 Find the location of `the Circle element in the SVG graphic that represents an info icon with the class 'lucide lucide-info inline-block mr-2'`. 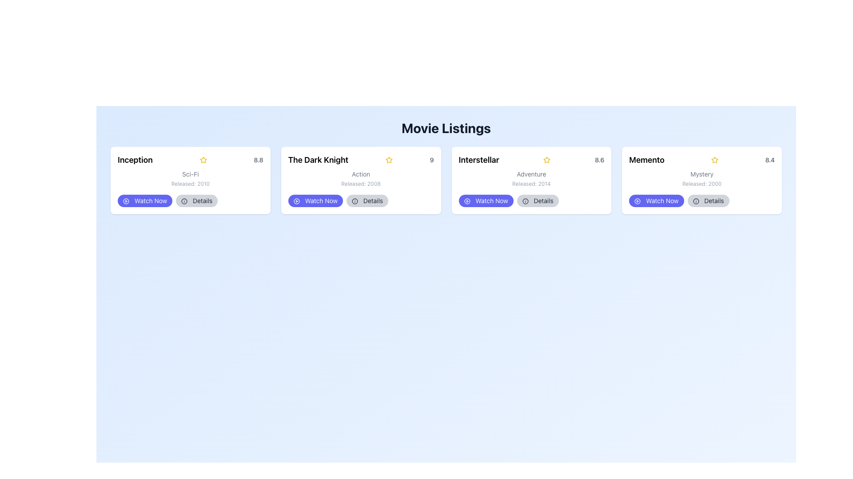

the Circle element in the SVG graphic that represents an info icon with the class 'lucide lucide-info inline-block mr-2' is located at coordinates (354, 201).